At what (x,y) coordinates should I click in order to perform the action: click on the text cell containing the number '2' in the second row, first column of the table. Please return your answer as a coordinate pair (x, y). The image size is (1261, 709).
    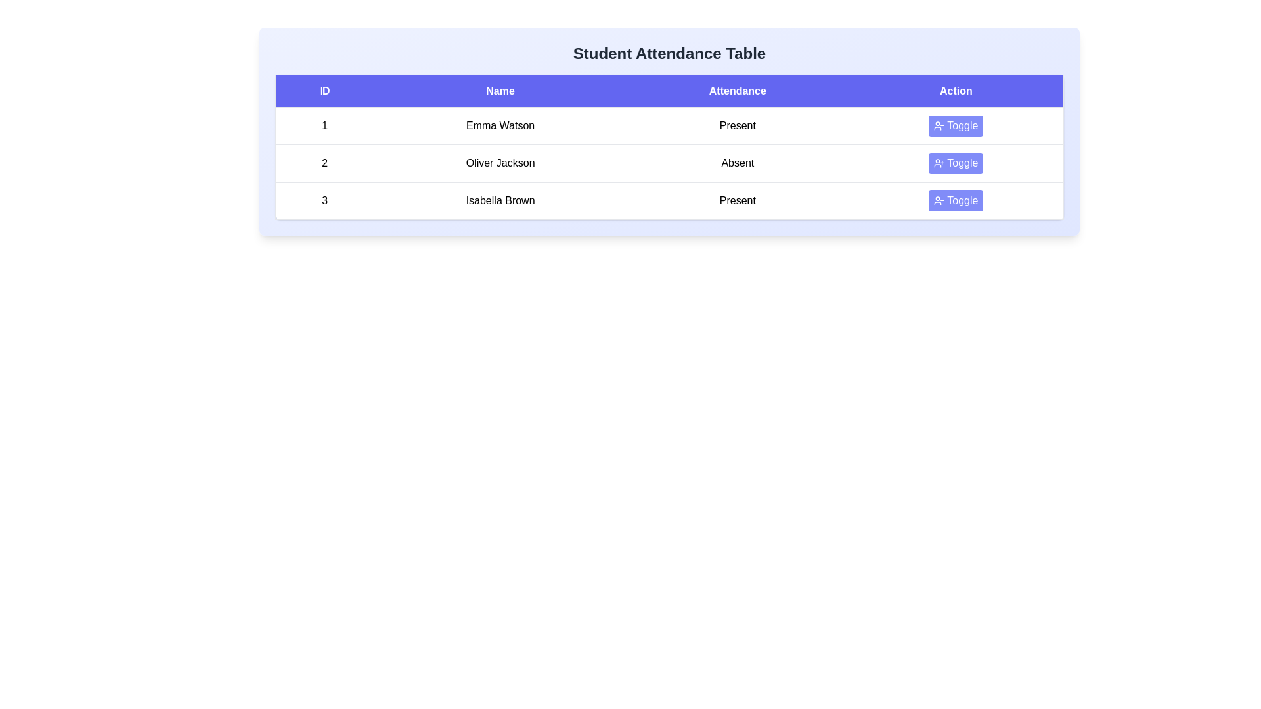
    Looking at the image, I should click on (324, 163).